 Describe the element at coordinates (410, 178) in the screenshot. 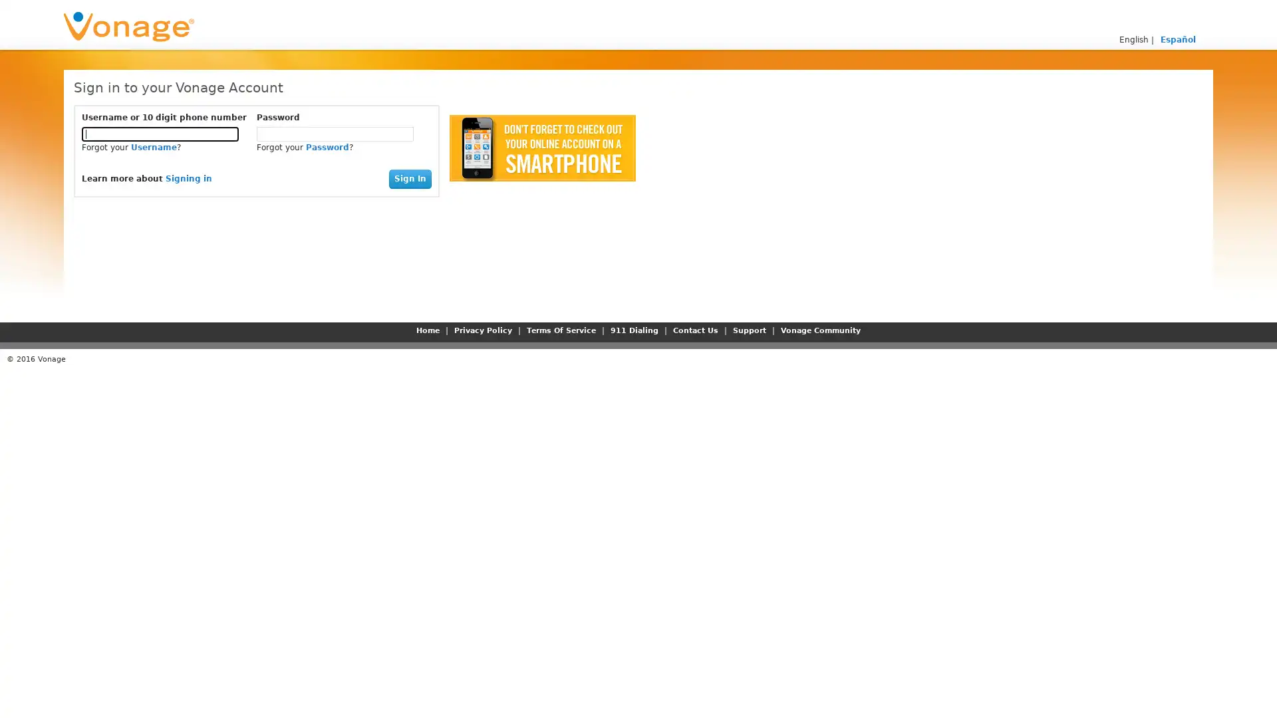

I see `Sign In` at that location.